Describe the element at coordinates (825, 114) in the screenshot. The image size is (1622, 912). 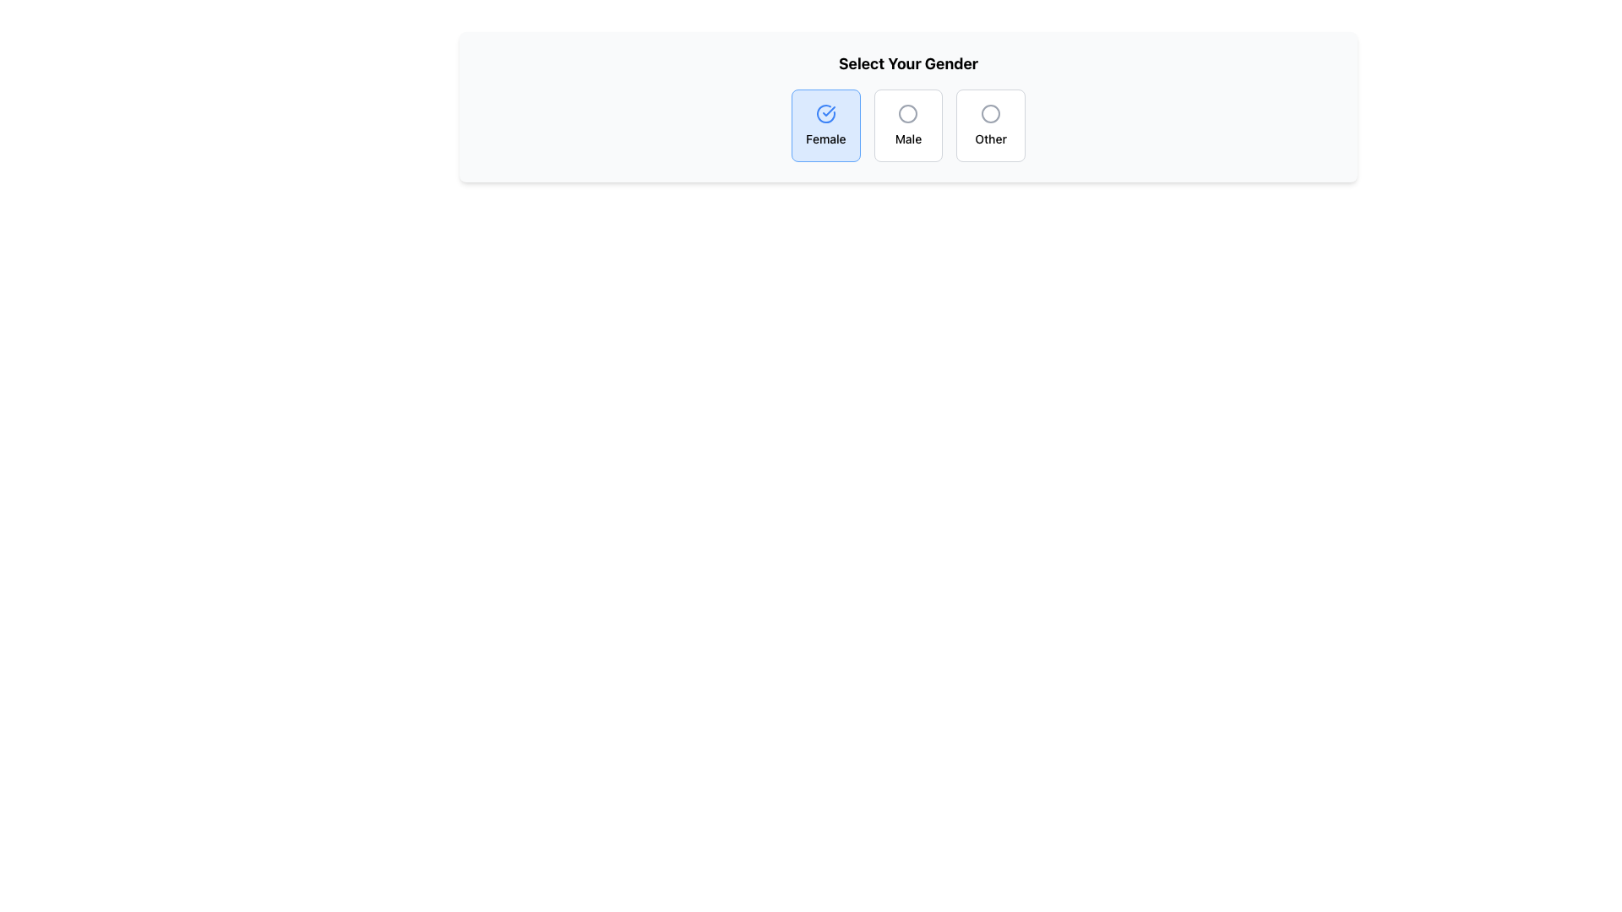
I see `the gender selection indicator icon for the 'Female' option, which is centrally located above the text label on the button` at that location.